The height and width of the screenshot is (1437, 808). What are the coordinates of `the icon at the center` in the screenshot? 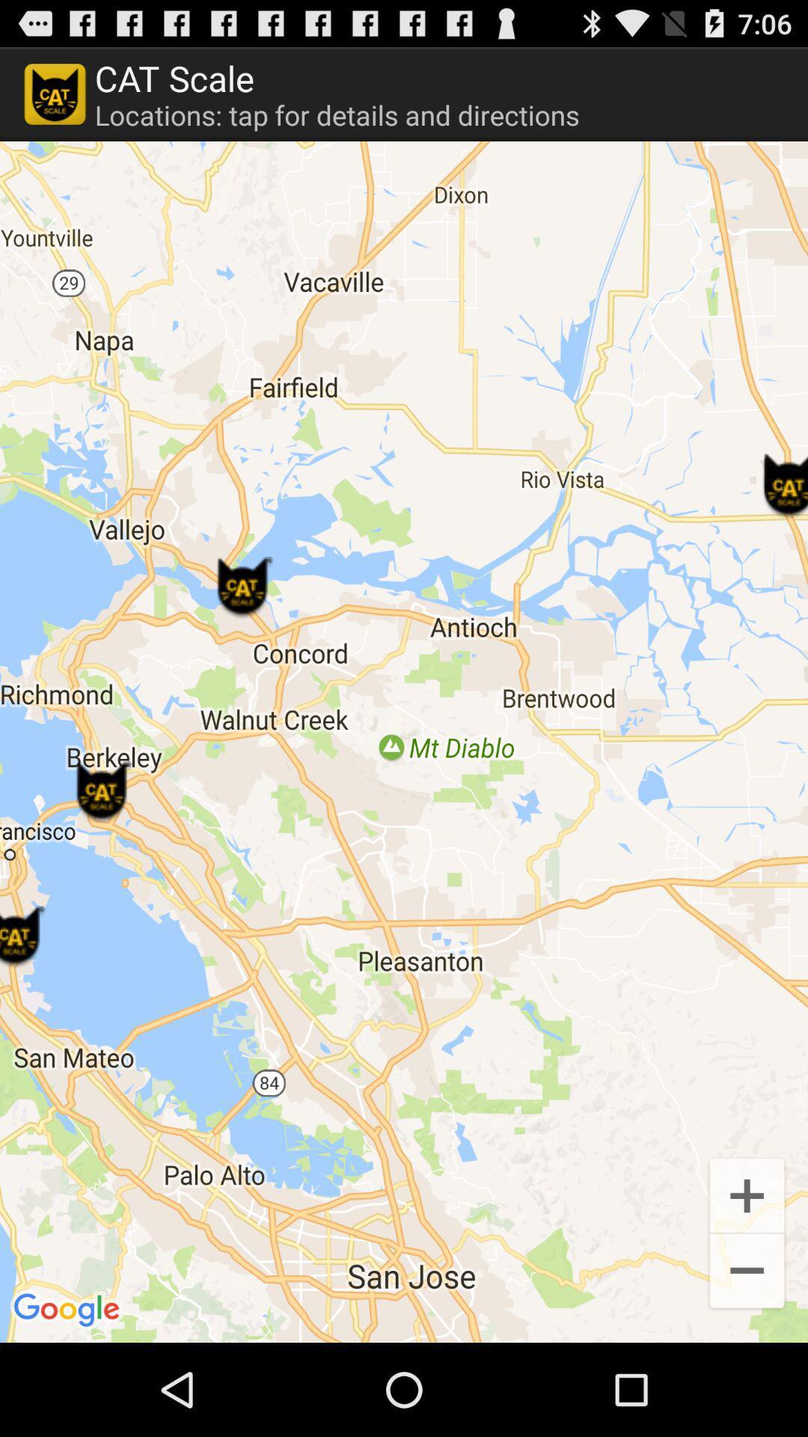 It's located at (404, 742).